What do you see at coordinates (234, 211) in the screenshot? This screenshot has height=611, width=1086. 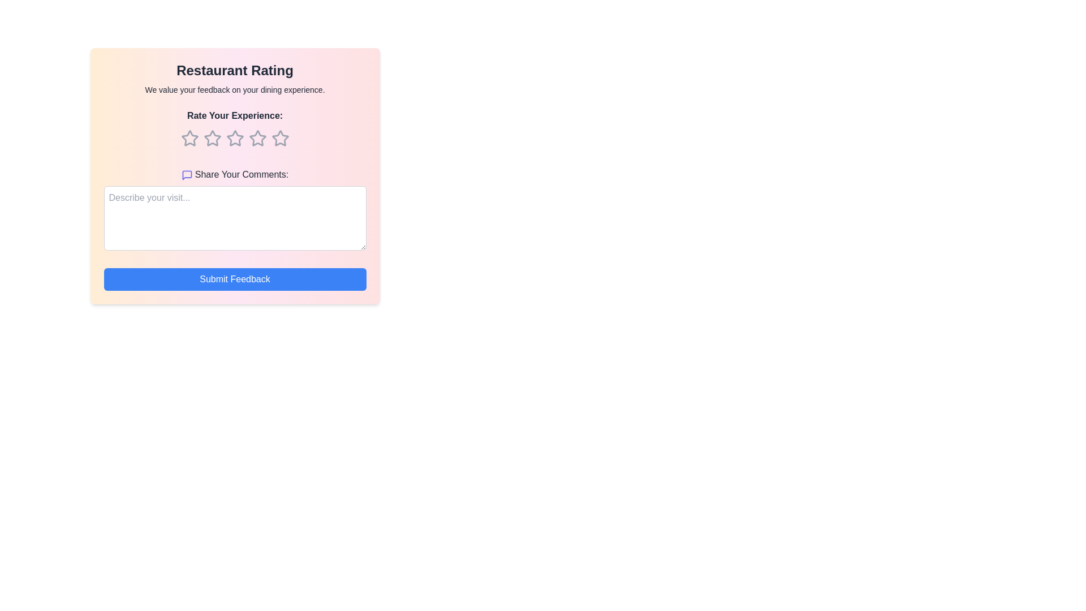 I see `the second input area under the 'Rate Your Experience:' section` at bounding box center [234, 211].